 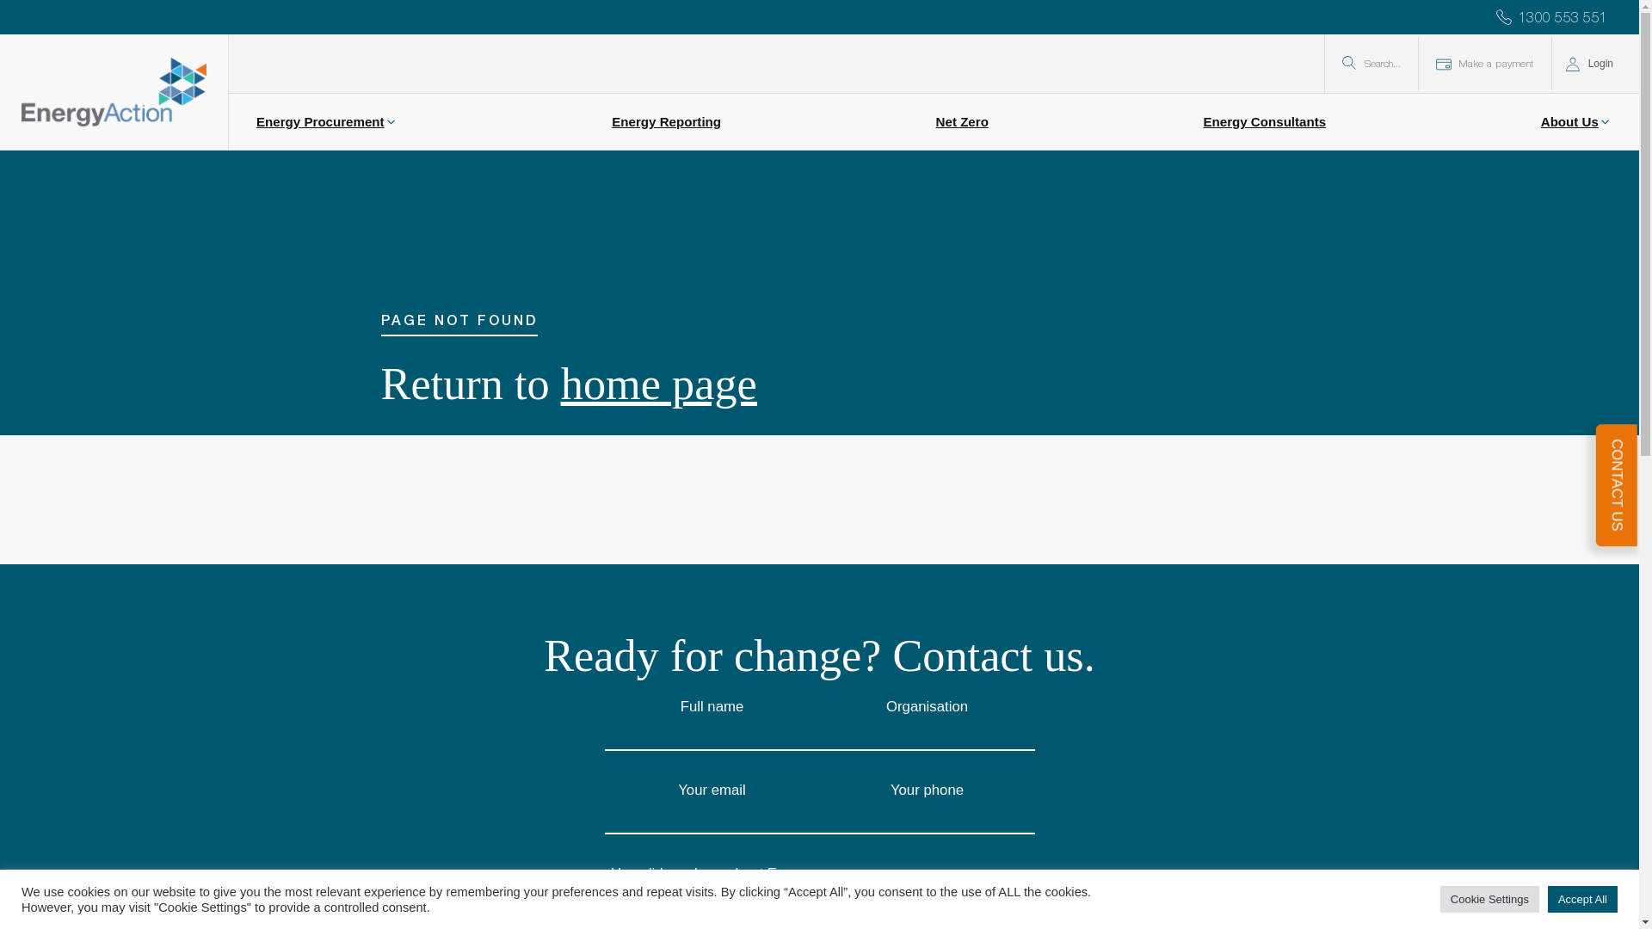 I want to click on 'Search...', so click(x=1370, y=62).